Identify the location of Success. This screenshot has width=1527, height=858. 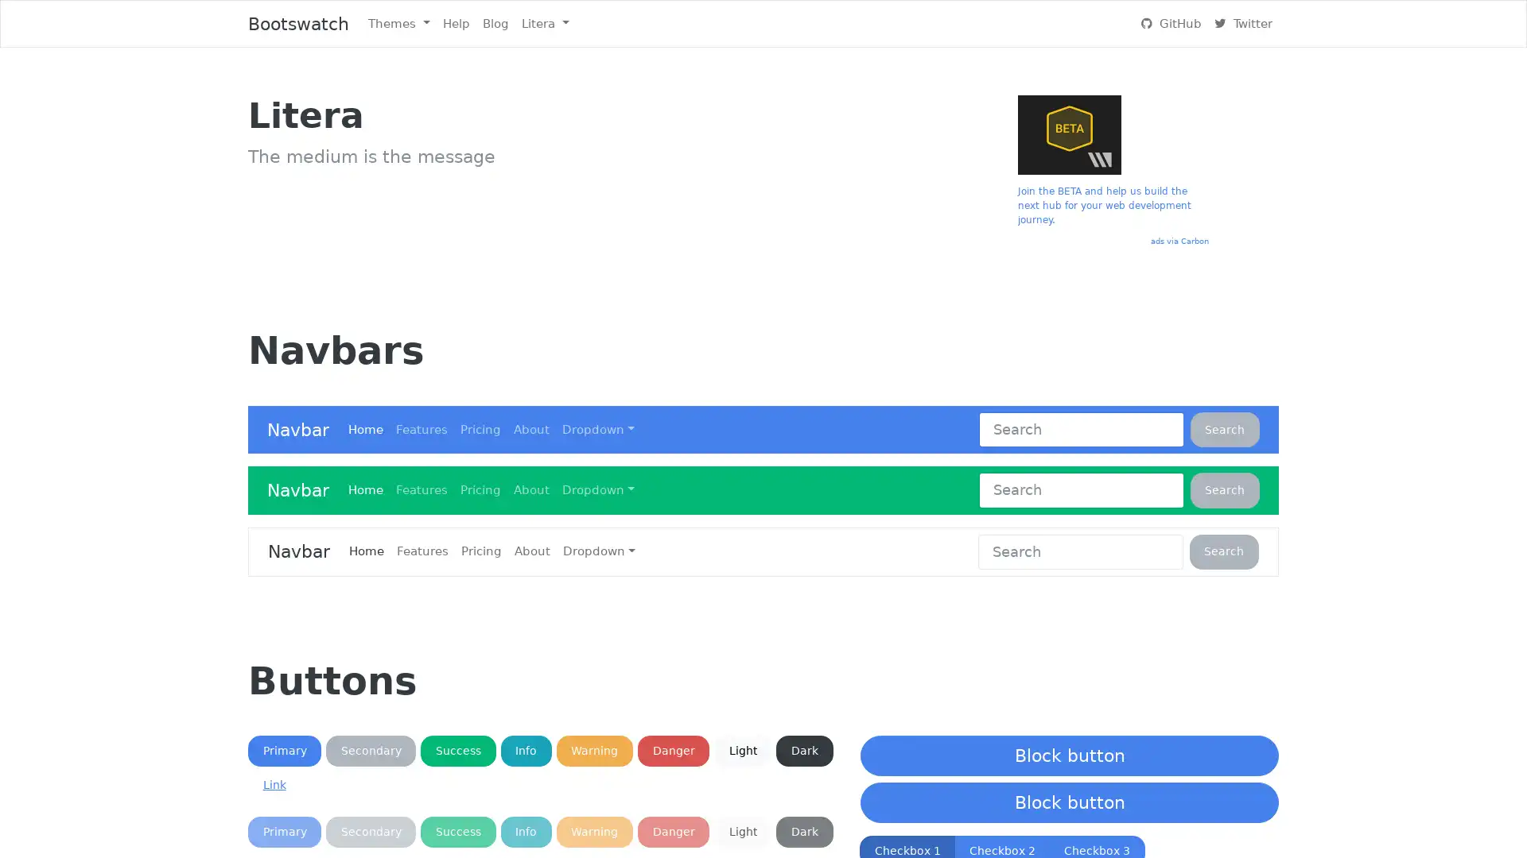
(457, 831).